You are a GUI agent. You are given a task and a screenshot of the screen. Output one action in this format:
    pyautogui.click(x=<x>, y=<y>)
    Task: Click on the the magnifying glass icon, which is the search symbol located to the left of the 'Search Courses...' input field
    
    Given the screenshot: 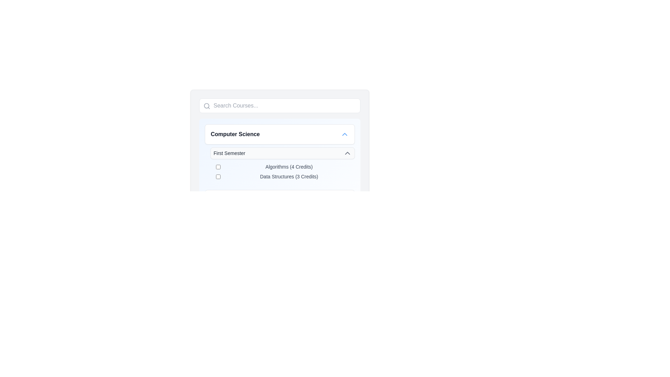 What is the action you would take?
    pyautogui.click(x=207, y=106)
    